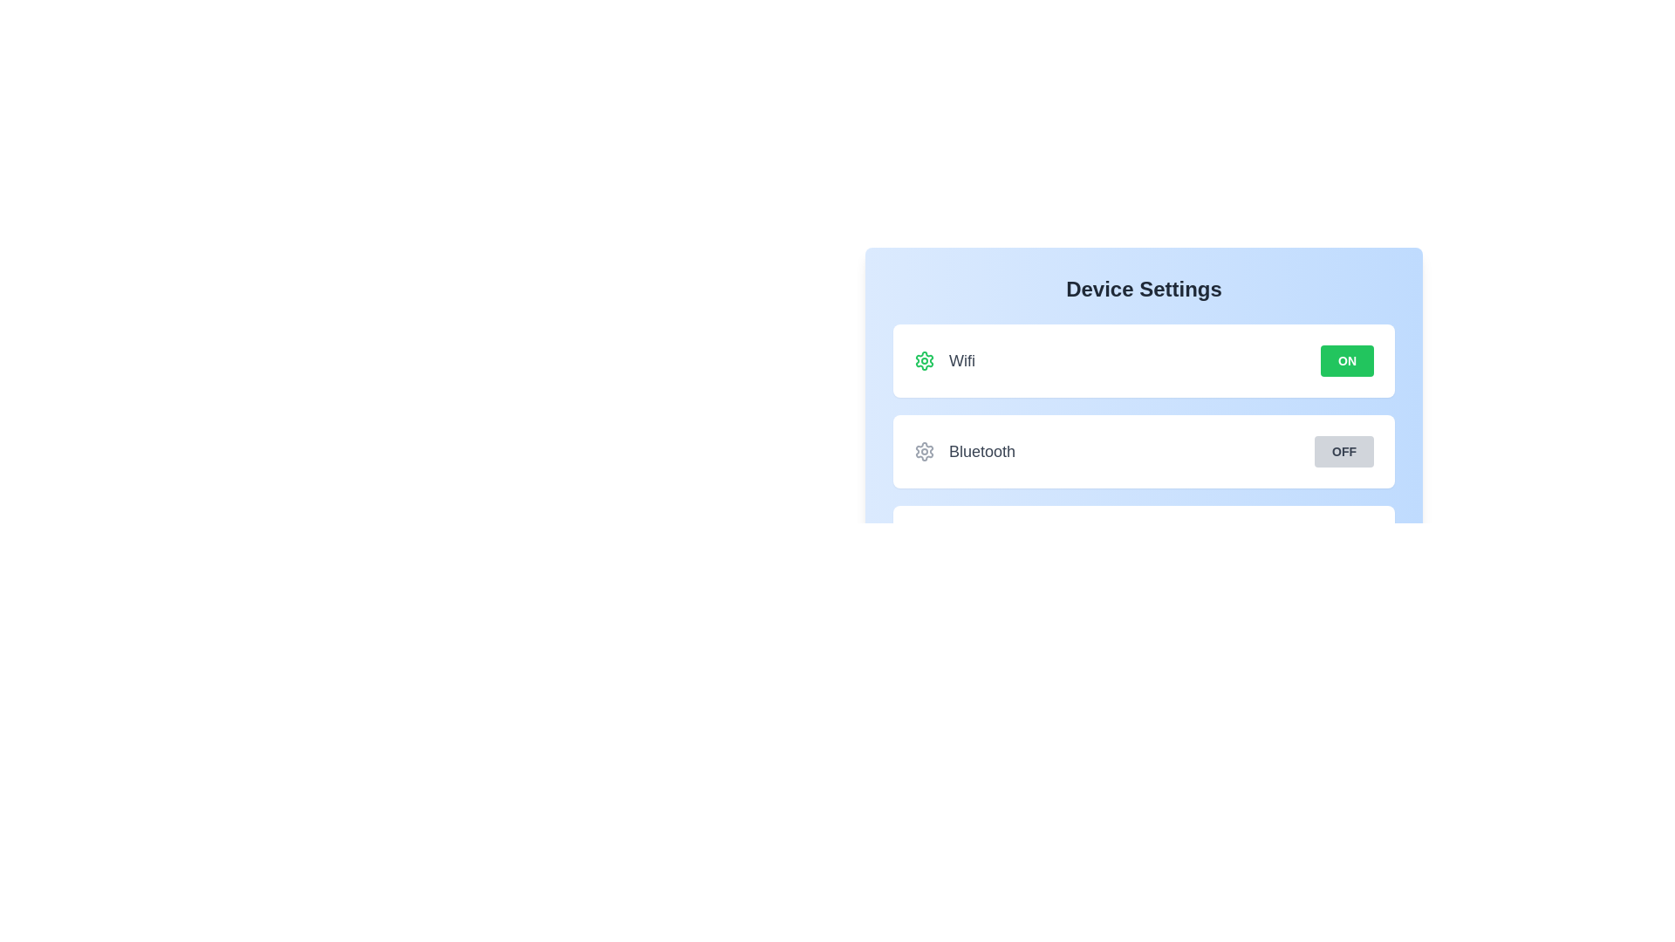 Image resolution: width=1675 pixels, height=942 pixels. I want to click on the setting icon for Bluetooth to reveal information, so click(924, 450).